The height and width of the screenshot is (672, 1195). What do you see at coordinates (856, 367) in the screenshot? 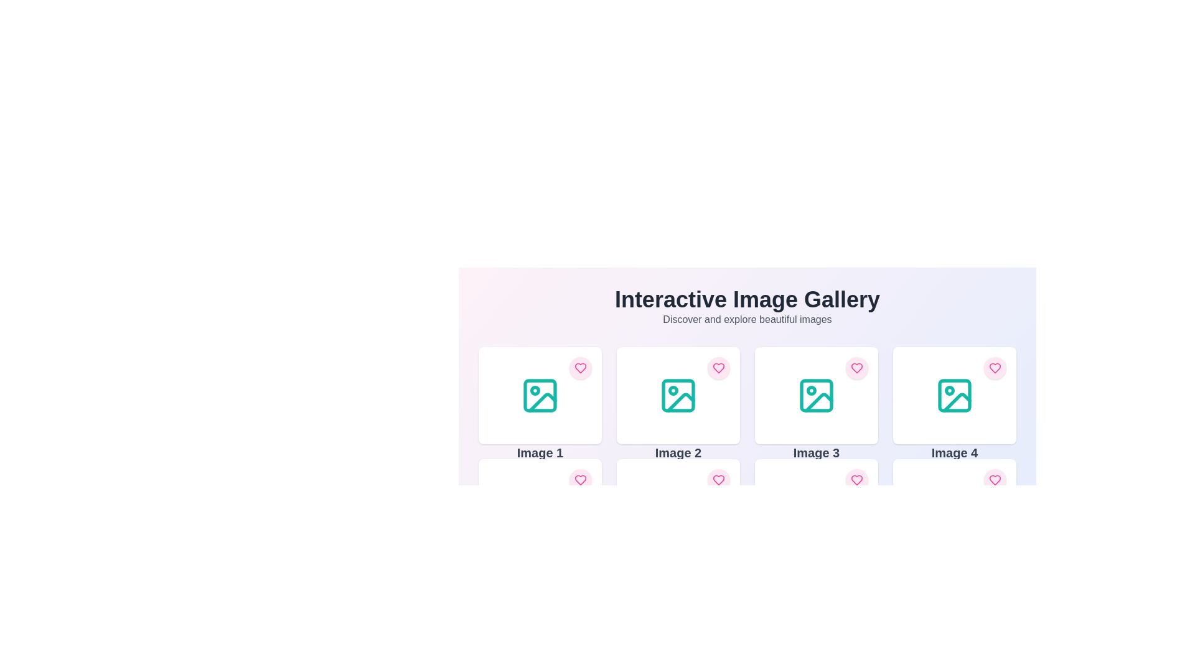
I see `the 'like' button icon in the top-right corner of the card labeled 'Image 3', which is displayed within a circular pink background, to express approval for the associated content` at bounding box center [856, 367].